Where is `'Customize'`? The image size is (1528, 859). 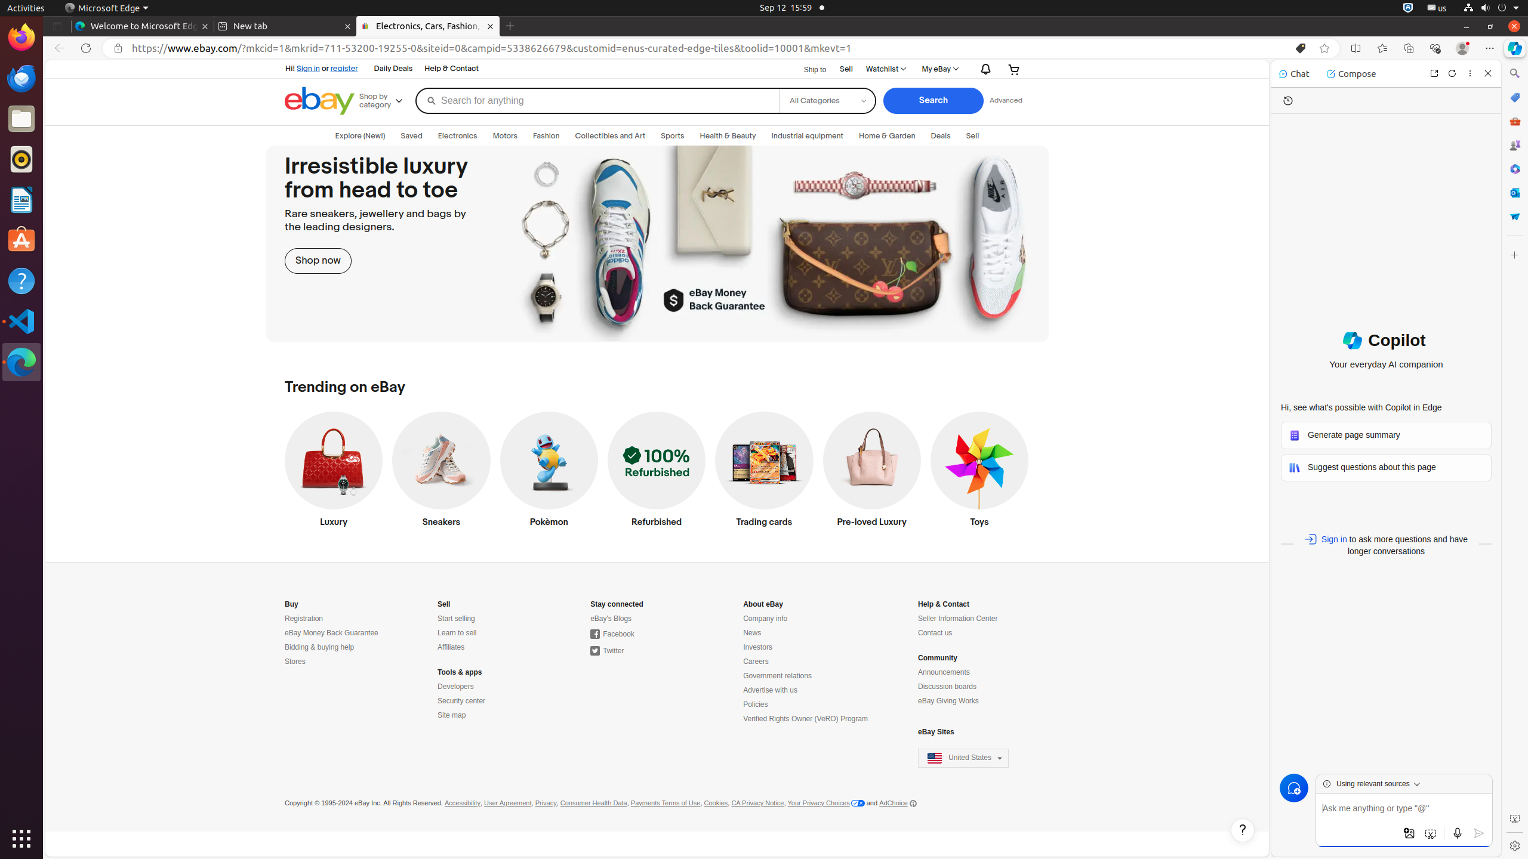
'Customize' is located at coordinates (1514, 254).